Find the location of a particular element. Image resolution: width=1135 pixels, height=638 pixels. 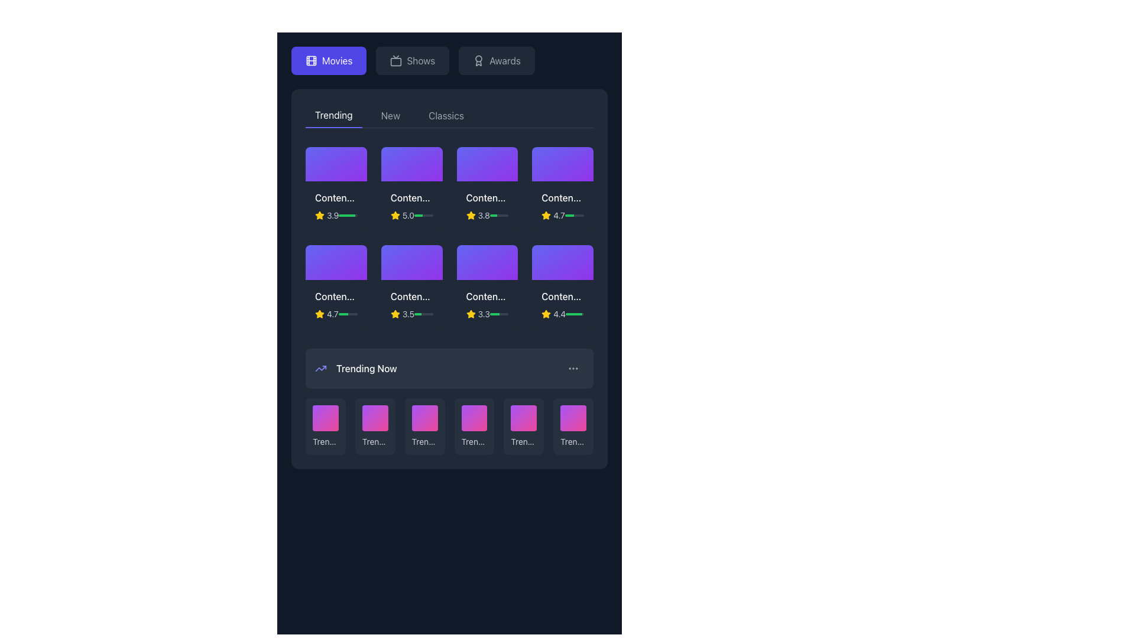

the vibrant yellow star icon representing a rating symbol next to the text '3.5' to highlight it is located at coordinates (395, 313).